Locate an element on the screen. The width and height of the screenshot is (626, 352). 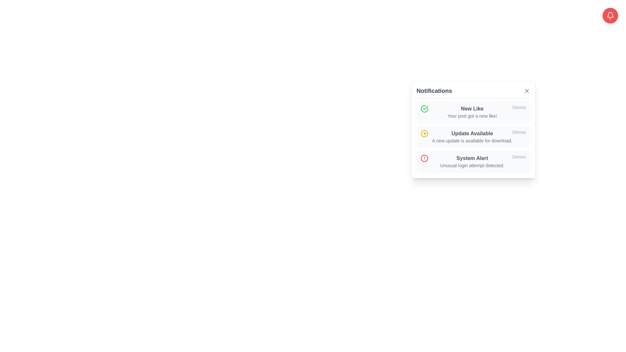
the notification card labeled 'Update Available' which contains a yellow circular icon and a 'Dismiss' button, located in the notifications list of the popup window is located at coordinates (473, 129).